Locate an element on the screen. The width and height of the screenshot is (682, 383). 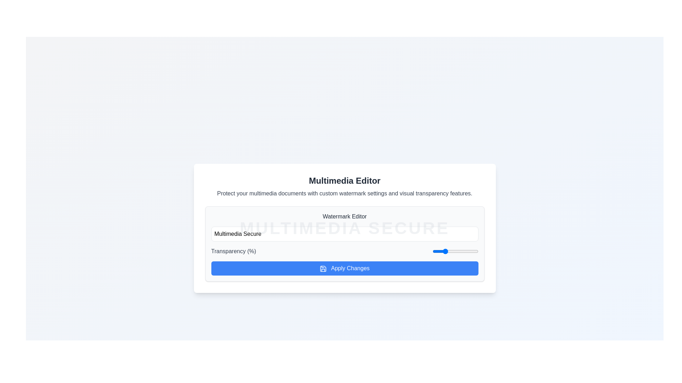
the transparency slider is located at coordinates (439, 251).